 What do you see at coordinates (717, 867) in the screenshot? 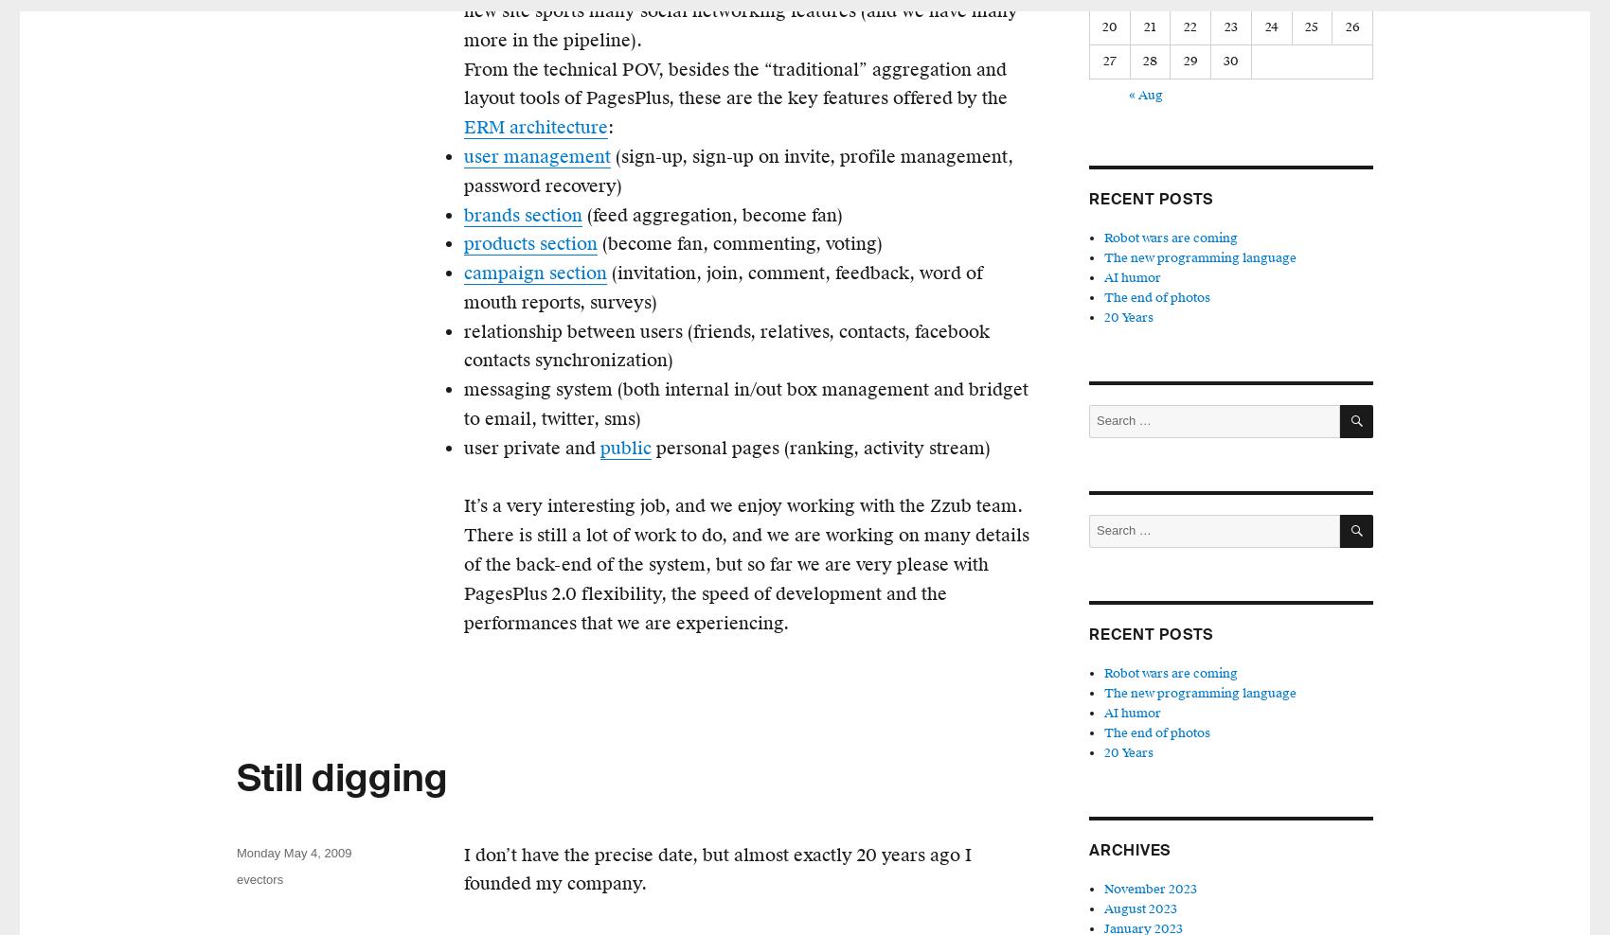
I see `'I don’t have the precise date, but almost exactly 20 years ago I founded my company.'` at bounding box center [717, 867].